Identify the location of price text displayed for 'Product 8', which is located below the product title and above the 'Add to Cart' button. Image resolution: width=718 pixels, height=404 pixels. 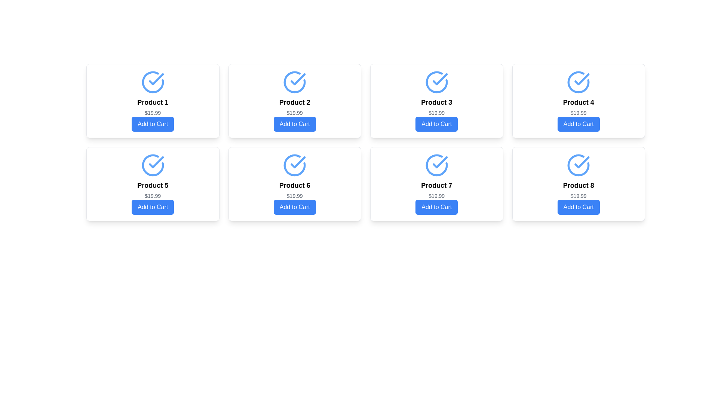
(578, 196).